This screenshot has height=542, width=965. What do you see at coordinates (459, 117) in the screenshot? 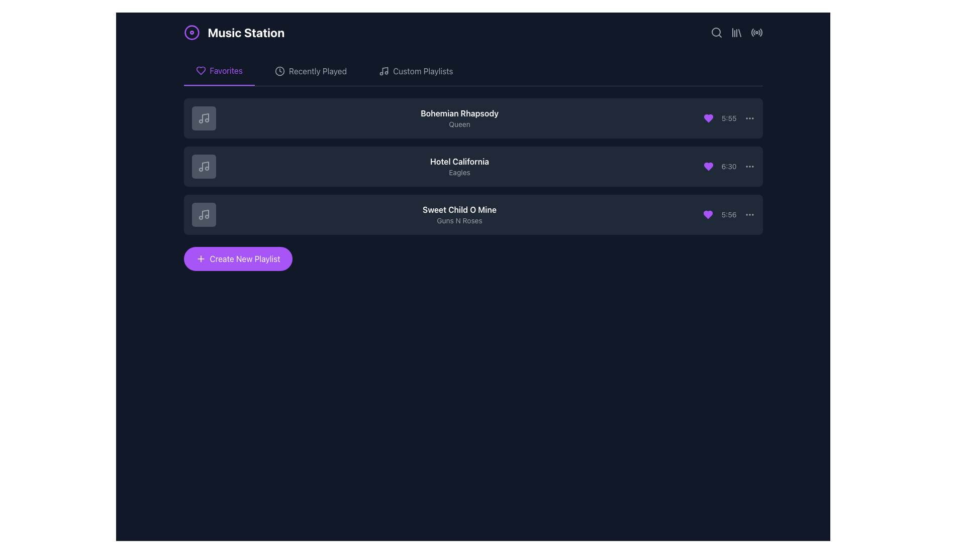
I see `the text display element showing 'Bohemian Rhapsody' by 'Queen', which is centrally aligned in the music playlist entry` at bounding box center [459, 117].